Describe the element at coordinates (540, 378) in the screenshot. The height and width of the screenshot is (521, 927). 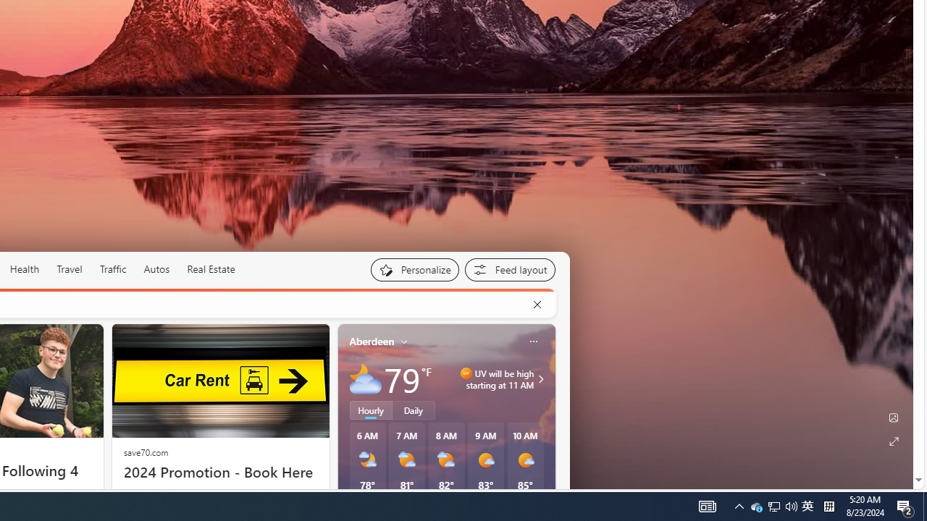
I see `'Class: weather-arrow-glyph'` at that location.